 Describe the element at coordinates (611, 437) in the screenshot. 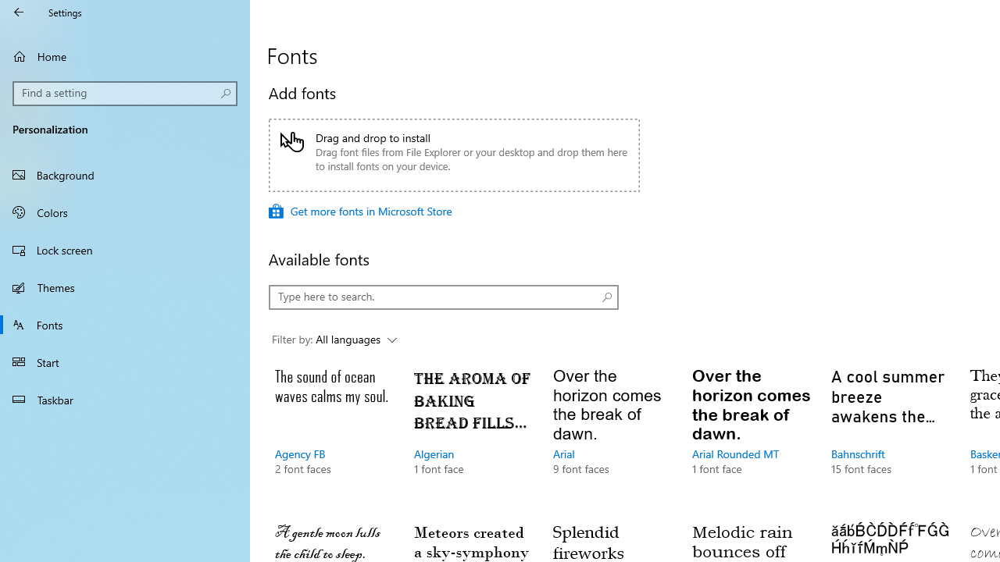

I see `'Arial, 9 font faces'` at that location.